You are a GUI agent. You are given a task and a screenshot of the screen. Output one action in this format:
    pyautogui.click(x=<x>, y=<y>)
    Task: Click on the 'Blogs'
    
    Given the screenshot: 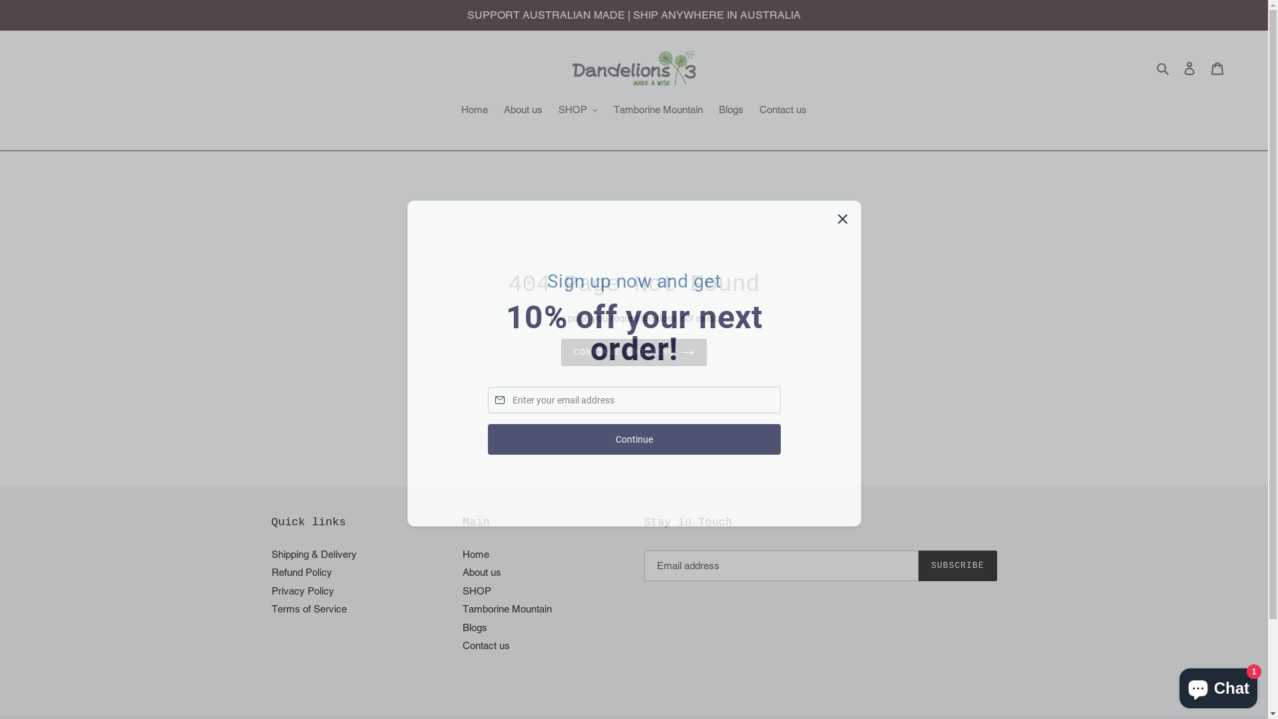 What is the action you would take?
    pyautogui.click(x=730, y=110)
    